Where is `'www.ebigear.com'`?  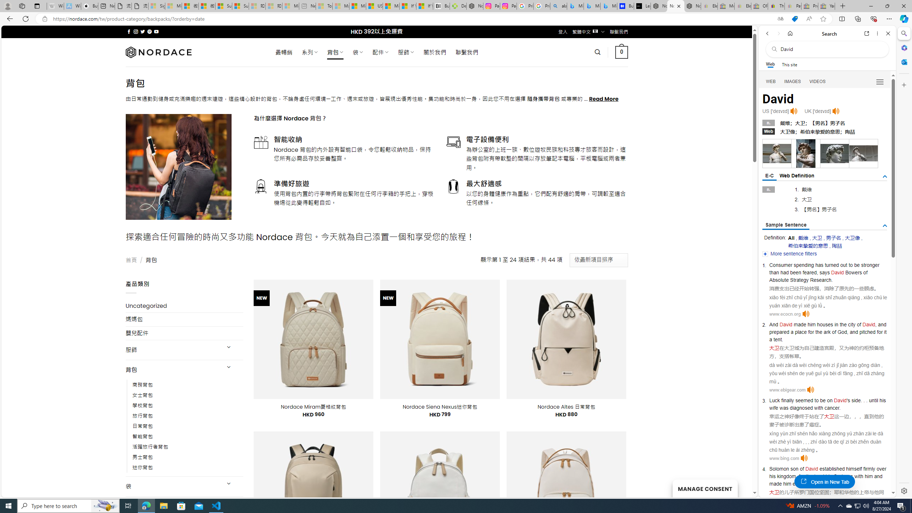
'www.ebigear.com' is located at coordinates (787, 390).